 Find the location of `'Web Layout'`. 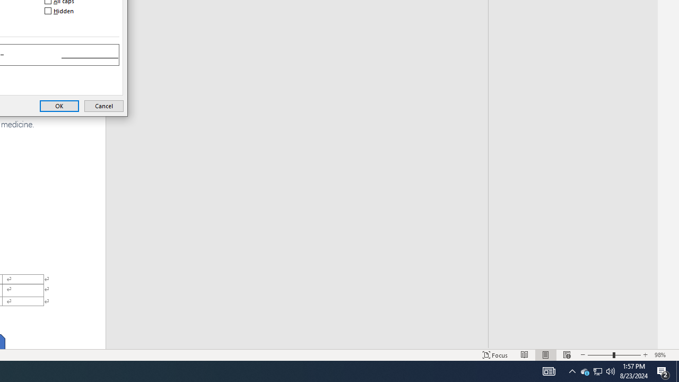

'Web Layout' is located at coordinates (567, 355).